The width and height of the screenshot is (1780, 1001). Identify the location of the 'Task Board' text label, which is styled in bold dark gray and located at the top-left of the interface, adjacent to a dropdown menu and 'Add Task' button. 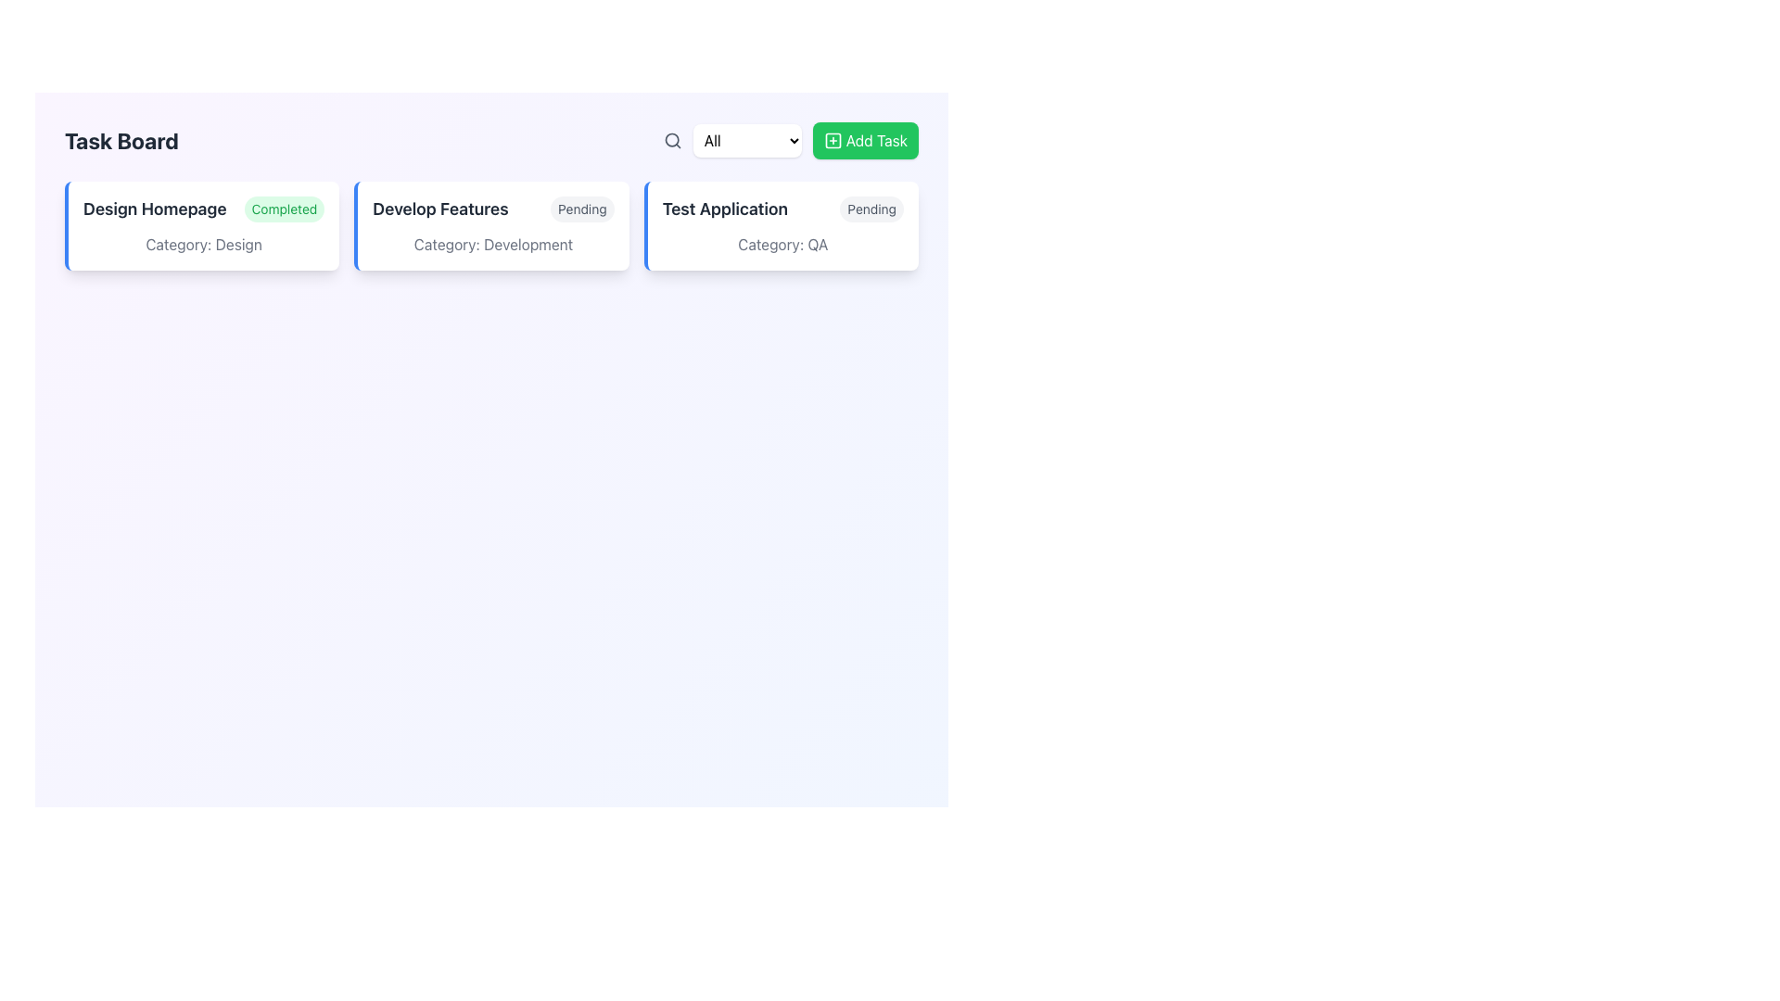
(121, 139).